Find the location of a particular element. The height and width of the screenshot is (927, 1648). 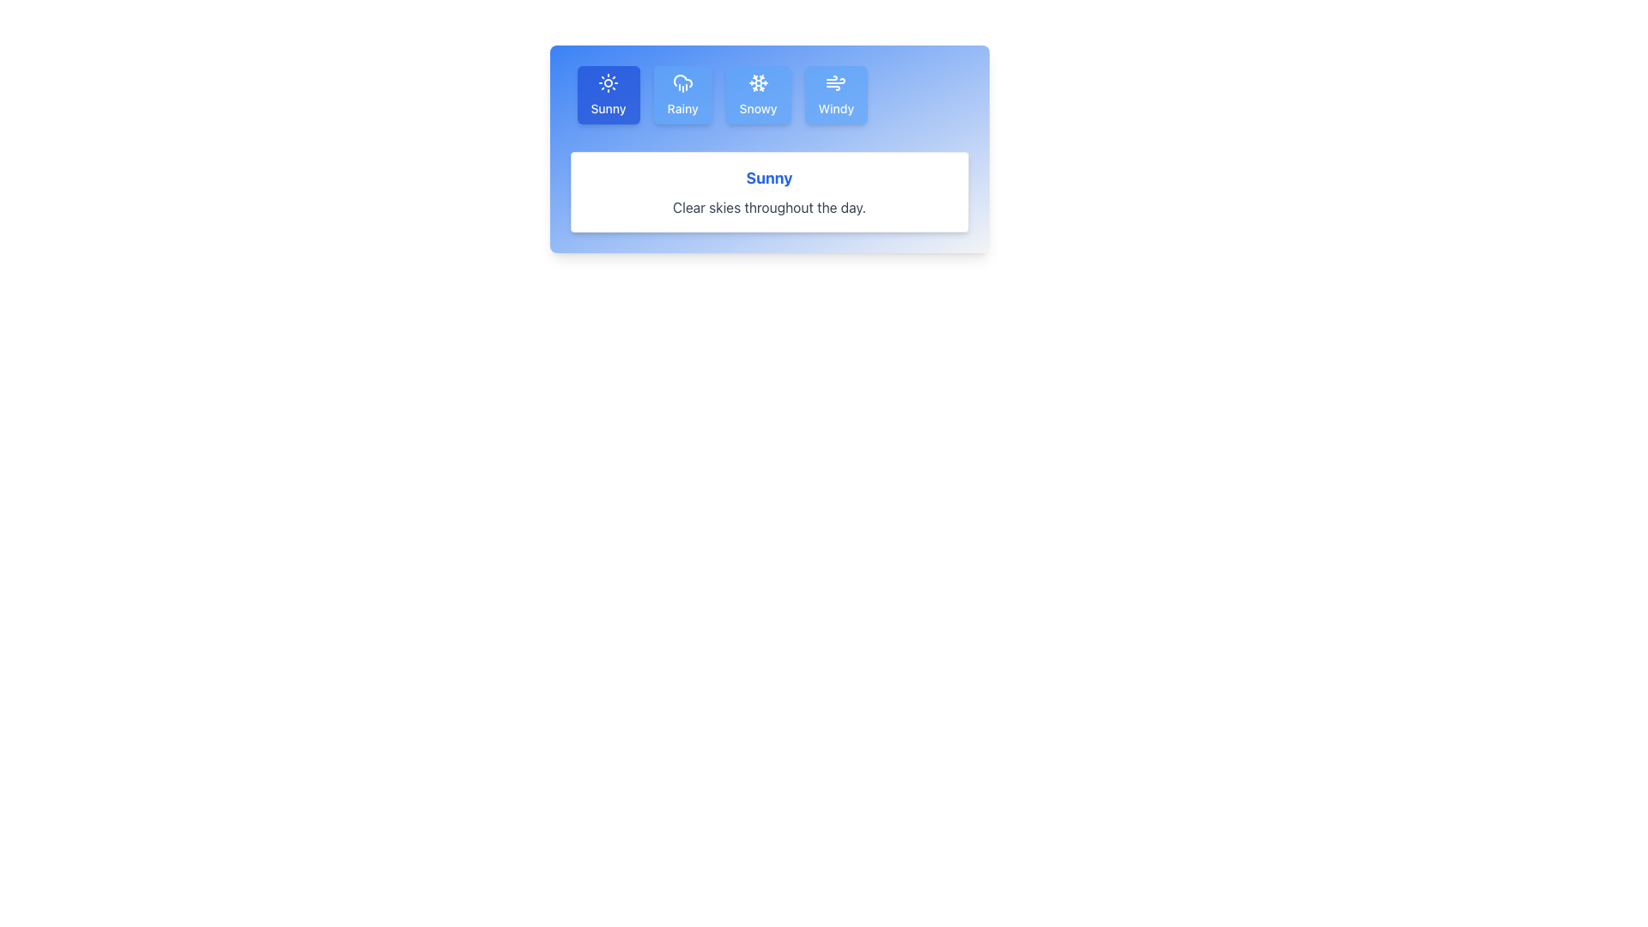

the weather informational card located at the top center of the layout, which displays sunny weather and clear skies, to access any contained elements is located at coordinates (768, 148).